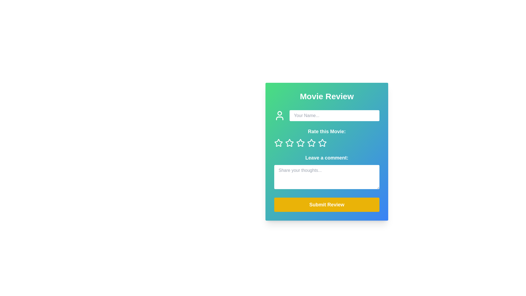 This screenshot has height=296, width=526. What do you see at coordinates (327, 137) in the screenshot?
I see `the star icons in the Rating component located within the 'Movie Review' box` at bounding box center [327, 137].